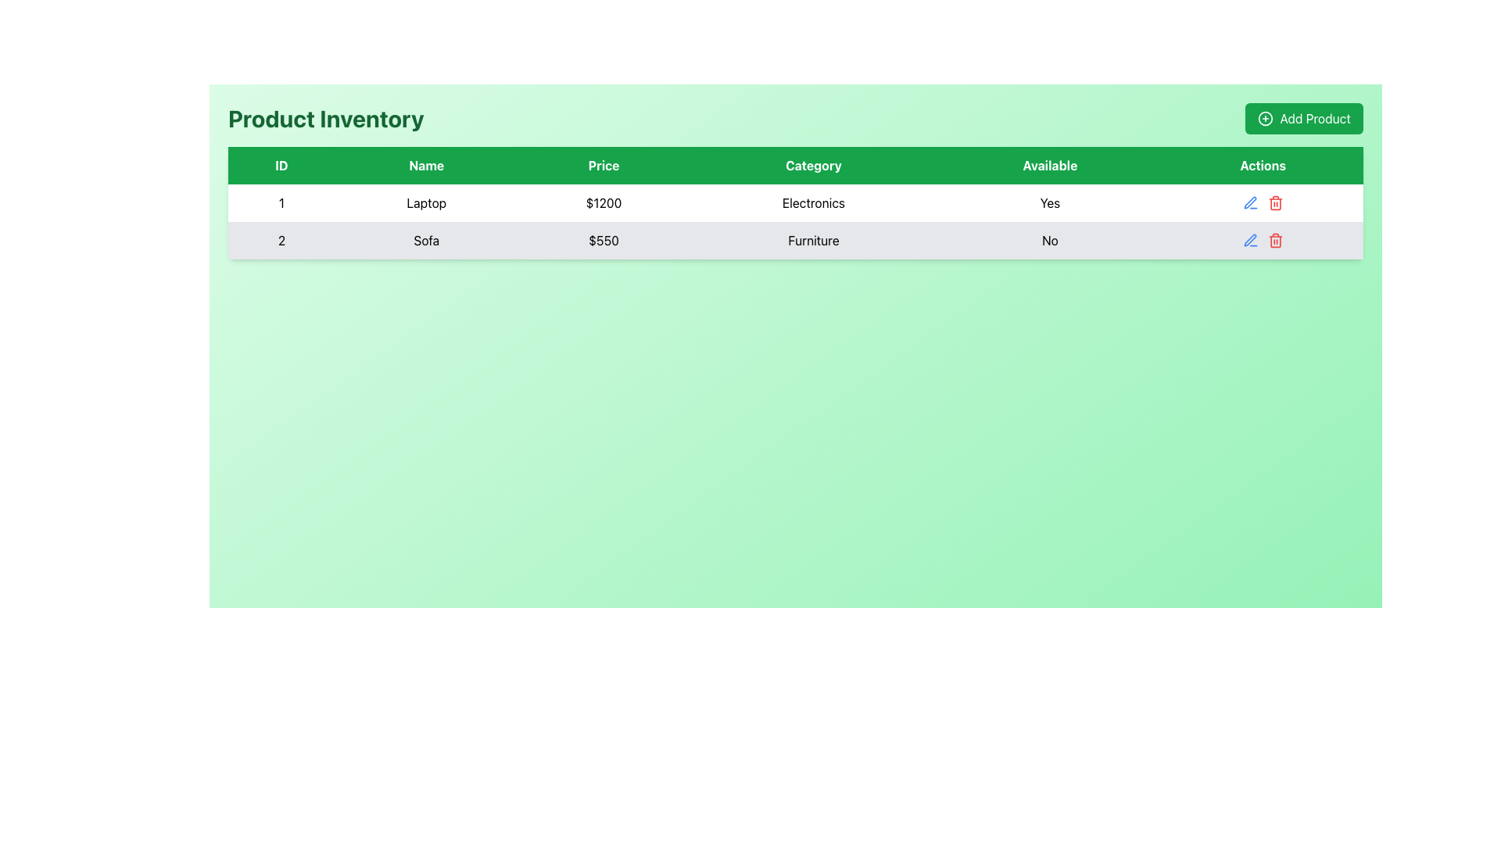 This screenshot has height=844, width=1501. I want to click on the 'Product Inventory' text label, which serves as a heading for the product inventory management section, so click(325, 117).